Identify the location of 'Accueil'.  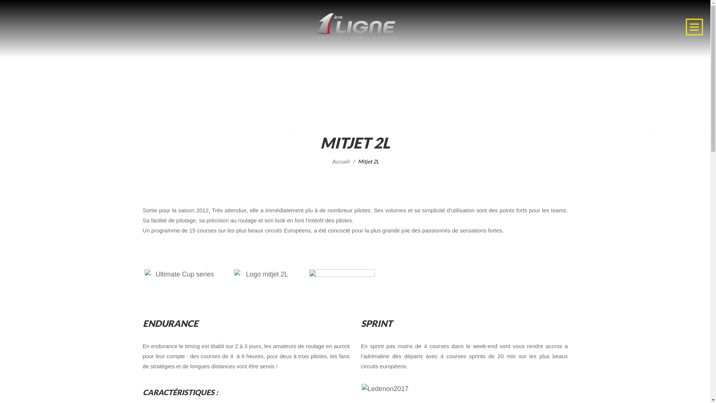
(340, 161).